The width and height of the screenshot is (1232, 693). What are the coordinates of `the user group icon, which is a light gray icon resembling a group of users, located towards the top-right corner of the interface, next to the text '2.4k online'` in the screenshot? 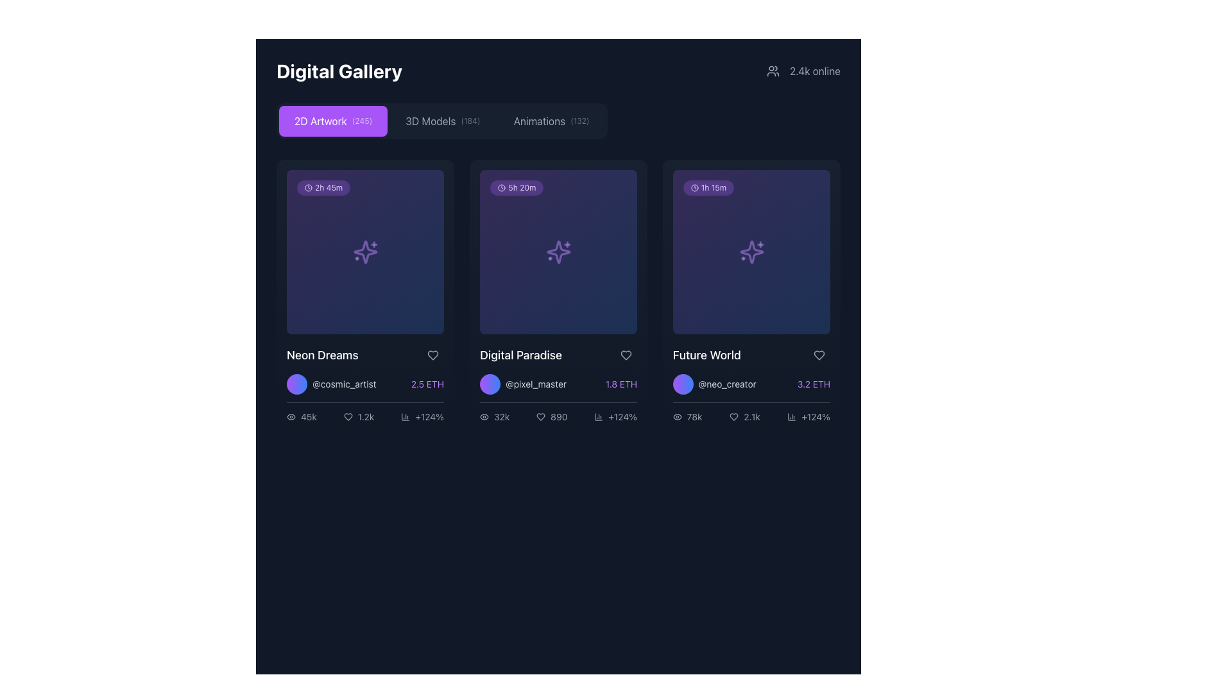 It's located at (772, 71).